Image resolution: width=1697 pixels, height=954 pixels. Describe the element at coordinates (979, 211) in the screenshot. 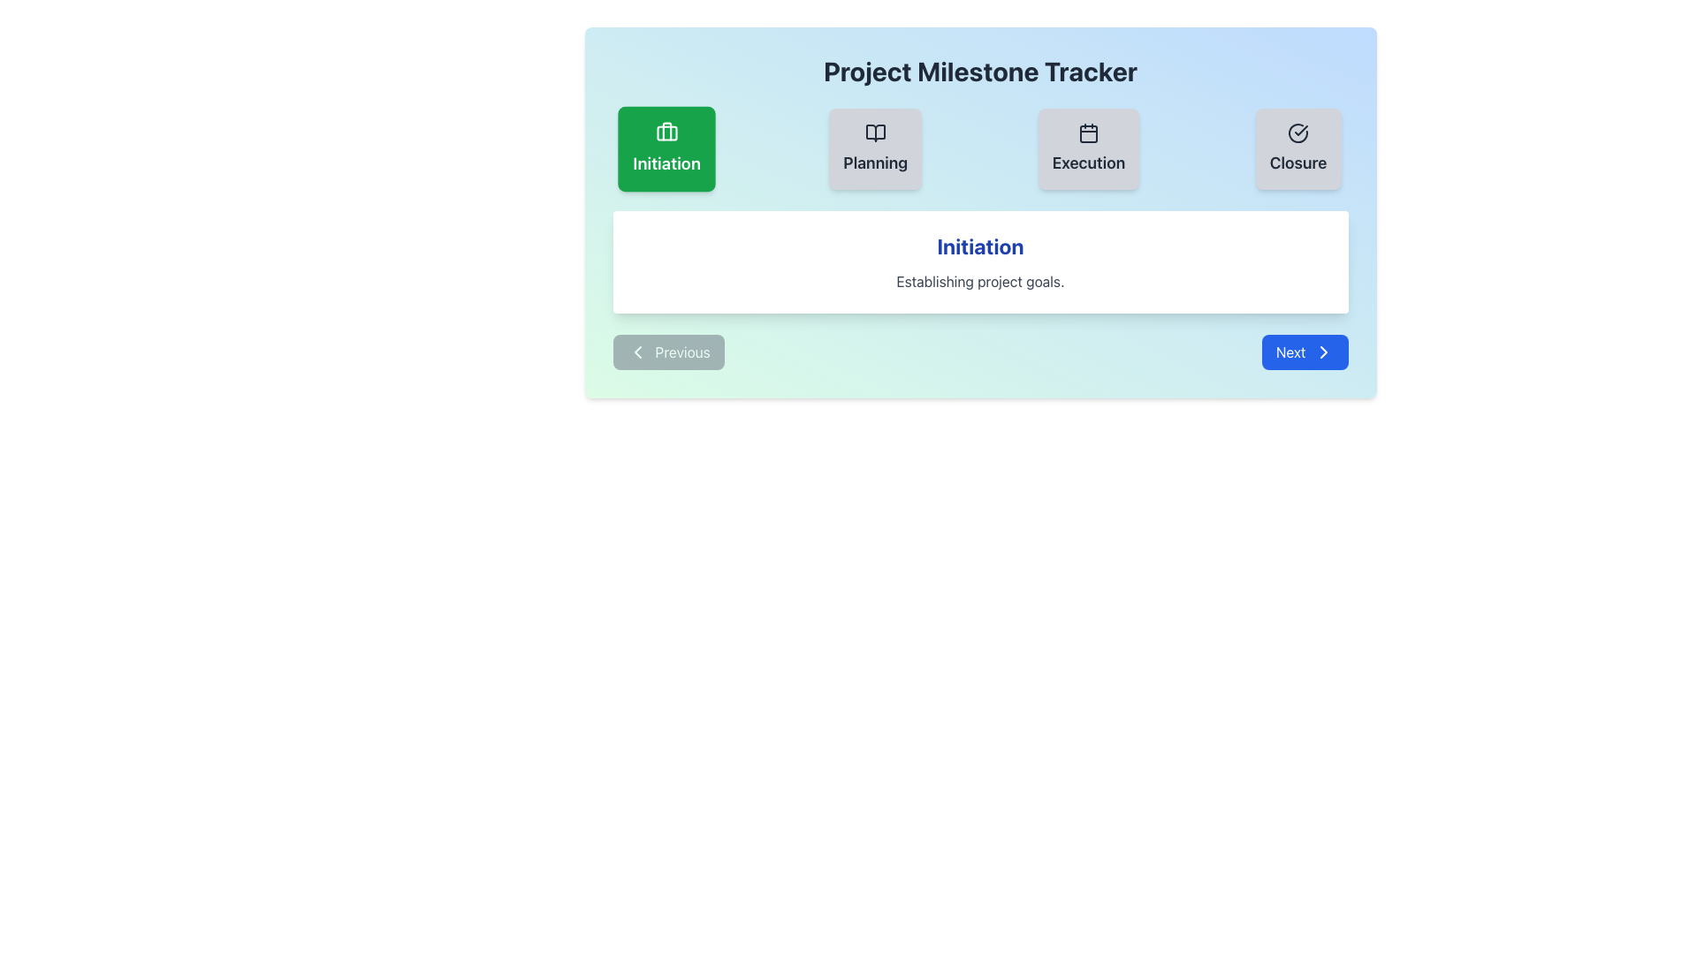

I see `descriptive text in the 'Project Milestone Tracker' UI component, specifically the details about the highlighted stage 'Initiation - Establishing project goals.'` at that location.